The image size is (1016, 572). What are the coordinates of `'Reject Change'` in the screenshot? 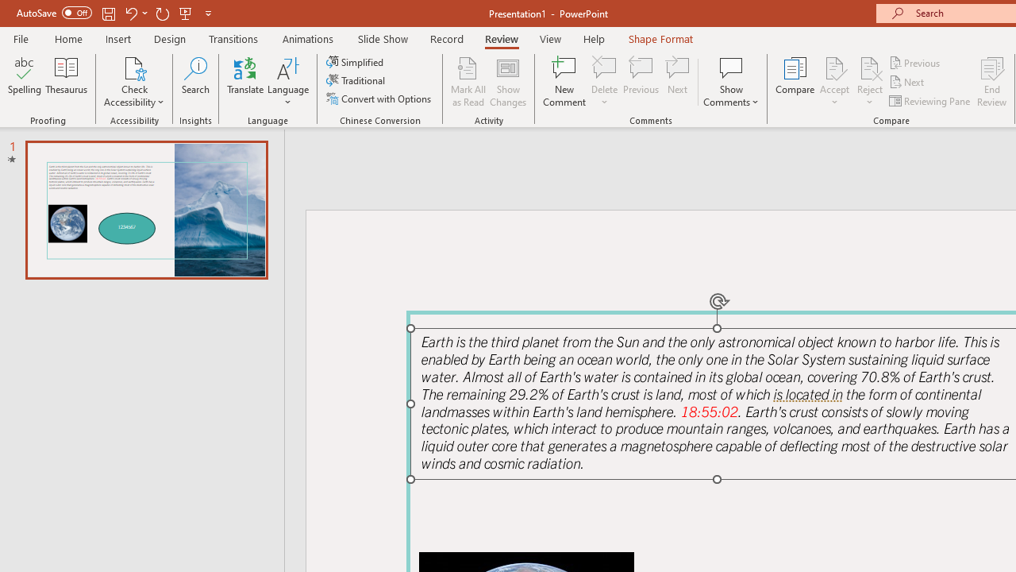 It's located at (869, 67).